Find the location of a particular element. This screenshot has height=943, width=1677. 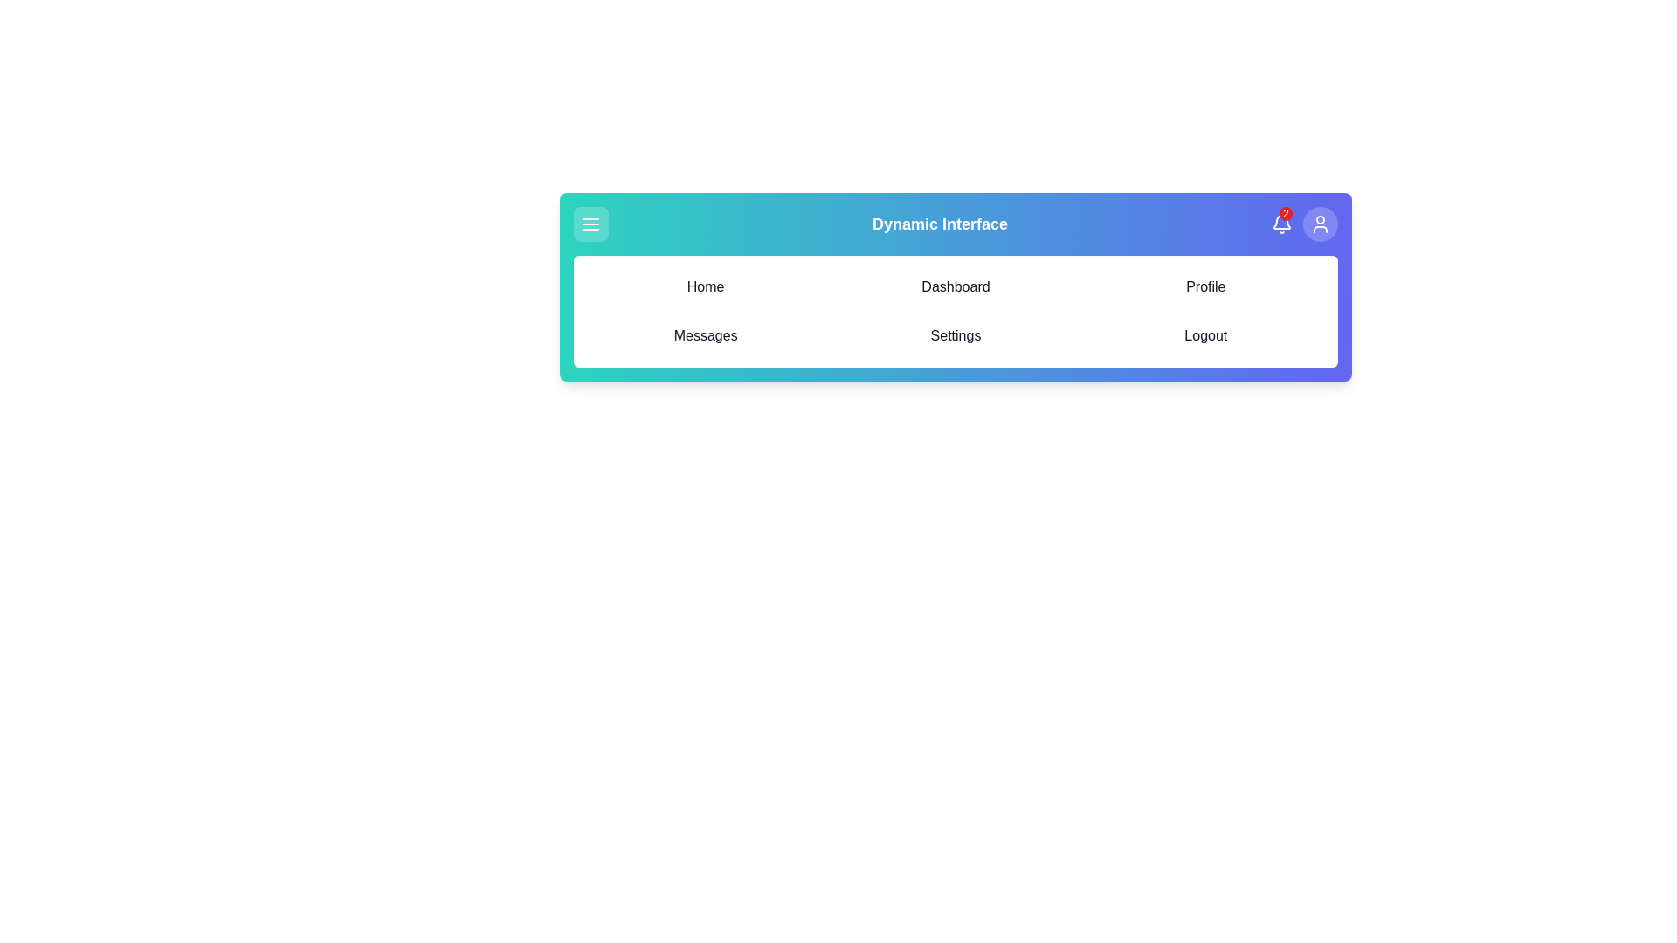

the navigation item Settings from the menu is located at coordinates (955, 336).